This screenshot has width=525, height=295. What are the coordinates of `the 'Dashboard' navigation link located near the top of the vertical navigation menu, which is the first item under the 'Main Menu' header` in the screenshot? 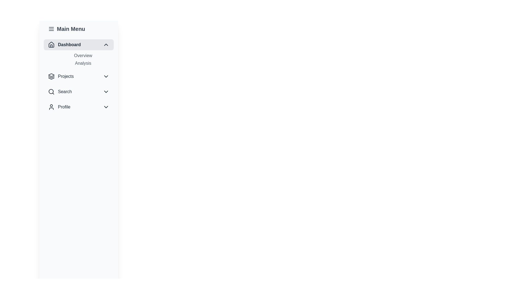 It's located at (64, 45).